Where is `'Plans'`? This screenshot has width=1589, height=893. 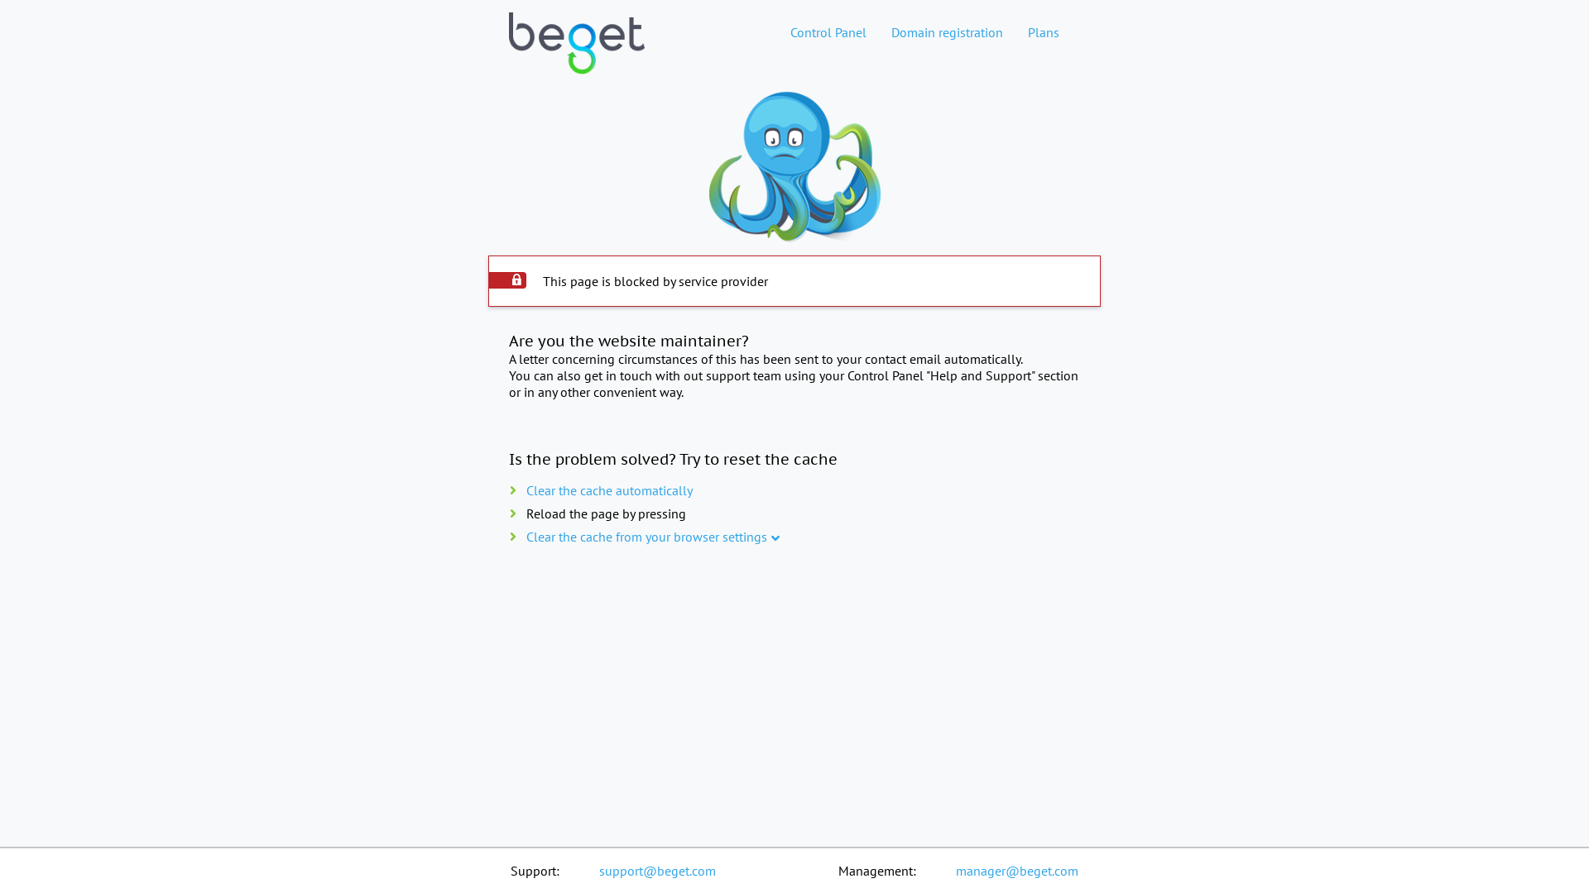 'Plans' is located at coordinates (1043, 31).